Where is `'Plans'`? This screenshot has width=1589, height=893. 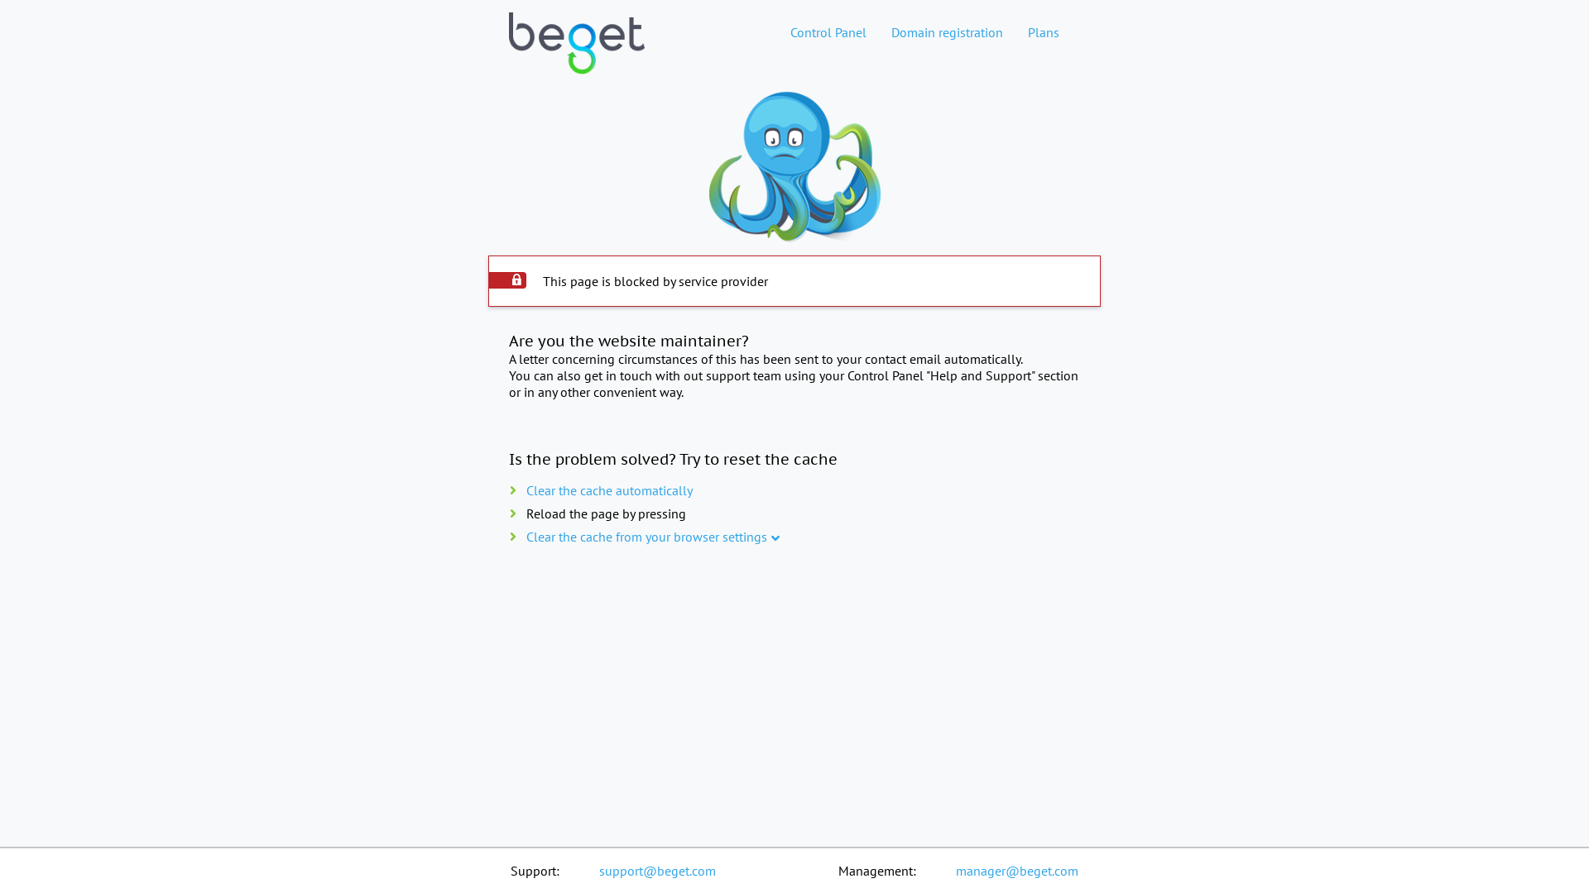 'Plans' is located at coordinates (1043, 31).